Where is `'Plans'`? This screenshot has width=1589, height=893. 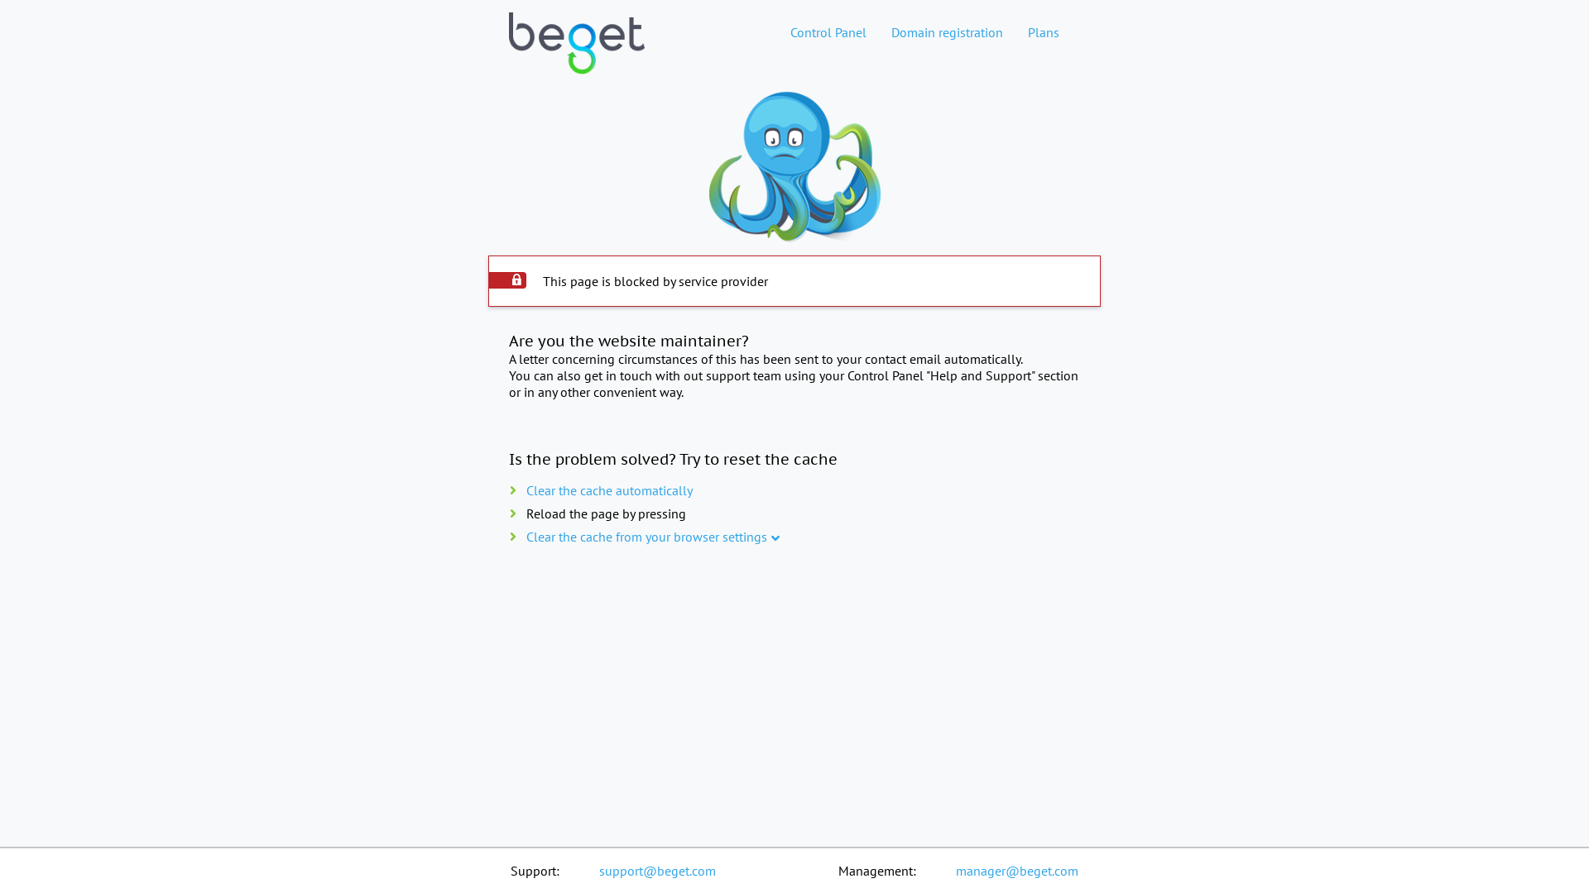 'Plans' is located at coordinates (1043, 31).